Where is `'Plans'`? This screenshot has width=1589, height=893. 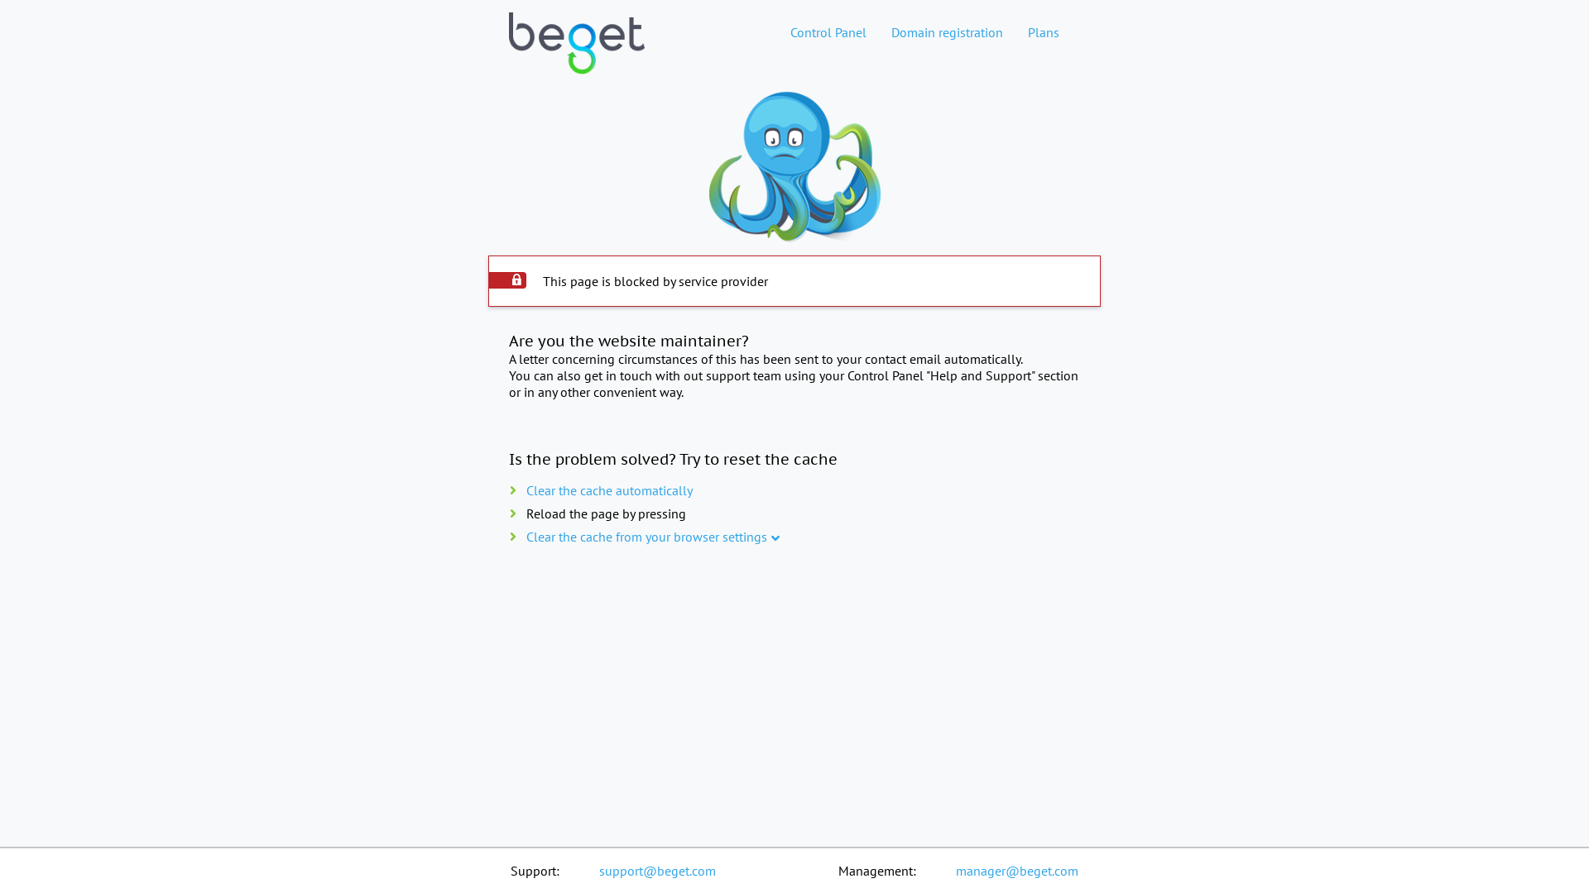 'Plans' is located at coordinates (1043, 31).